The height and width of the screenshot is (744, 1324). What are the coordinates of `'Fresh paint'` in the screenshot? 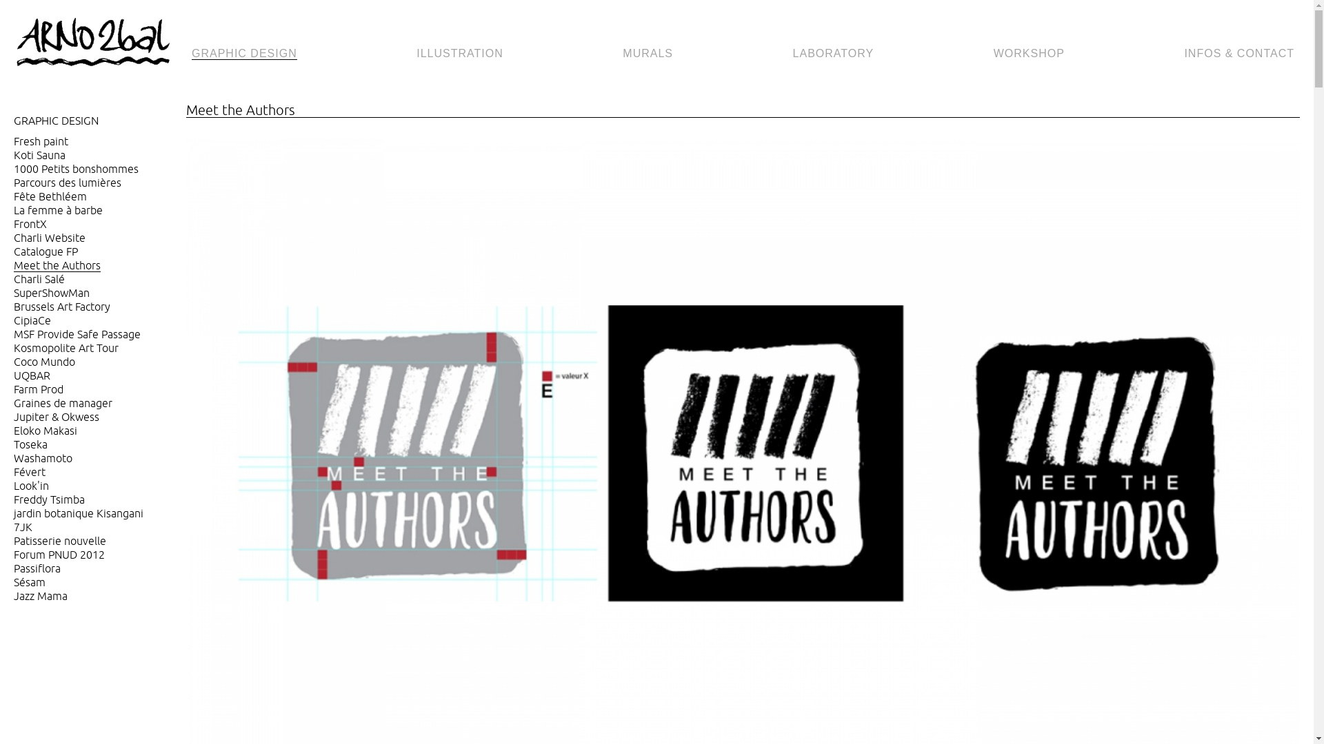 It's located at (13, 141).